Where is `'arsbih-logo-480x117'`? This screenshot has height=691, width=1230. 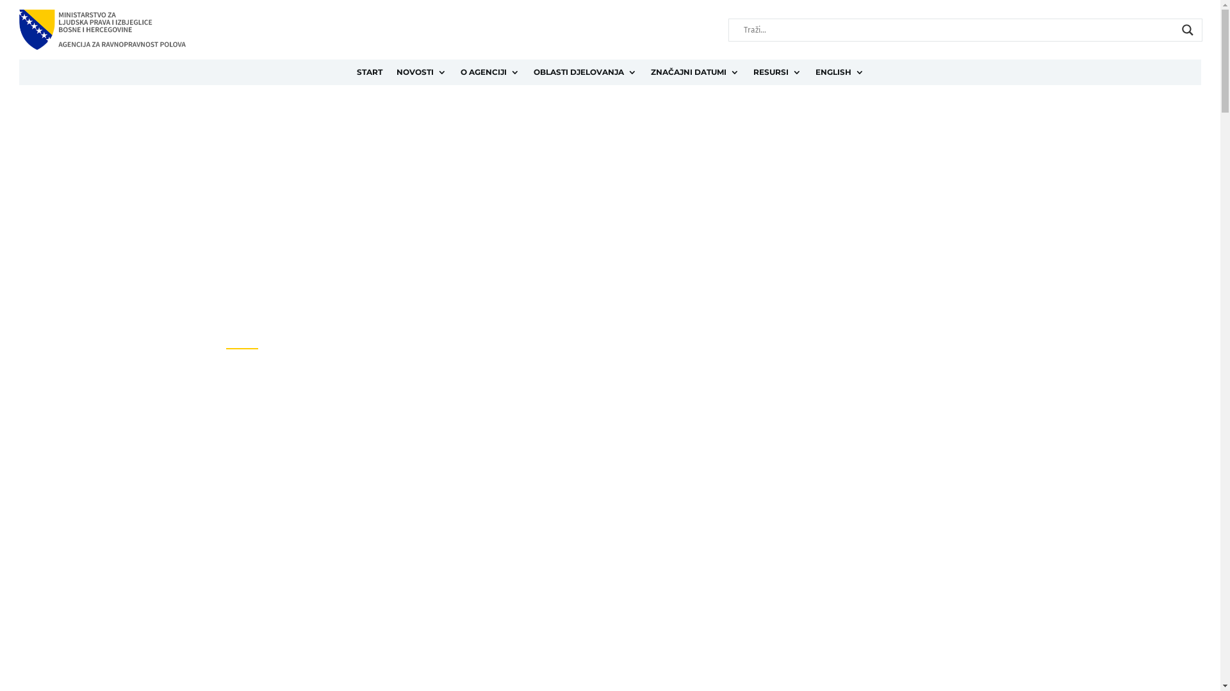
'arsbih-logo-480x117' is located at coordinates (101, 29).